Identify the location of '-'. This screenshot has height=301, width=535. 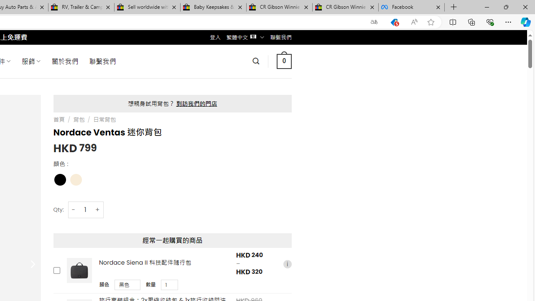
(74, 209).